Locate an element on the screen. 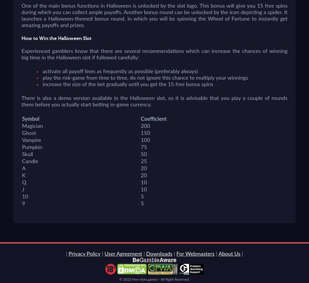 The image size is (309, 283). 'One of the main bonus functions in Halloween is unlocked by the slot logo. This bonus will give you 15 free spins during which you can collect ample payoffs. Another bonus round can be unlocked by the icon depicting a spider. It launches a Halloween-themed bonus round, in which you will be spinning the Wheel of Fortune to instantly get amazing payoffs and prizes.' is located at coordinates (154, 16).